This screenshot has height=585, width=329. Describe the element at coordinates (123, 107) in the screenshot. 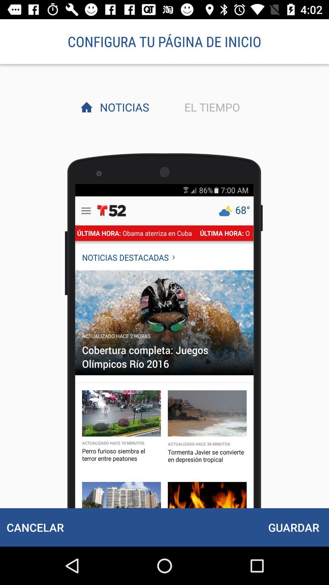

I see `the item next to el tiempo item` at that location.